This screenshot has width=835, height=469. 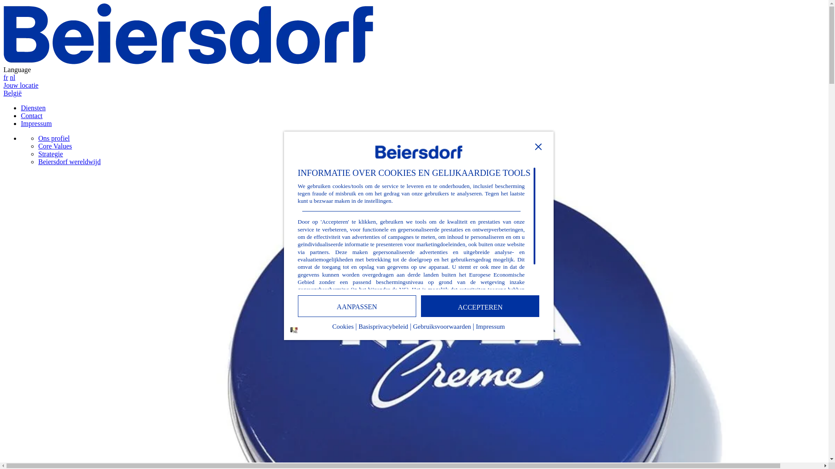 What do you see at coordinates (31, 115) in the screenshot?
I see `'Contact'` at bounding box center [31, 115].